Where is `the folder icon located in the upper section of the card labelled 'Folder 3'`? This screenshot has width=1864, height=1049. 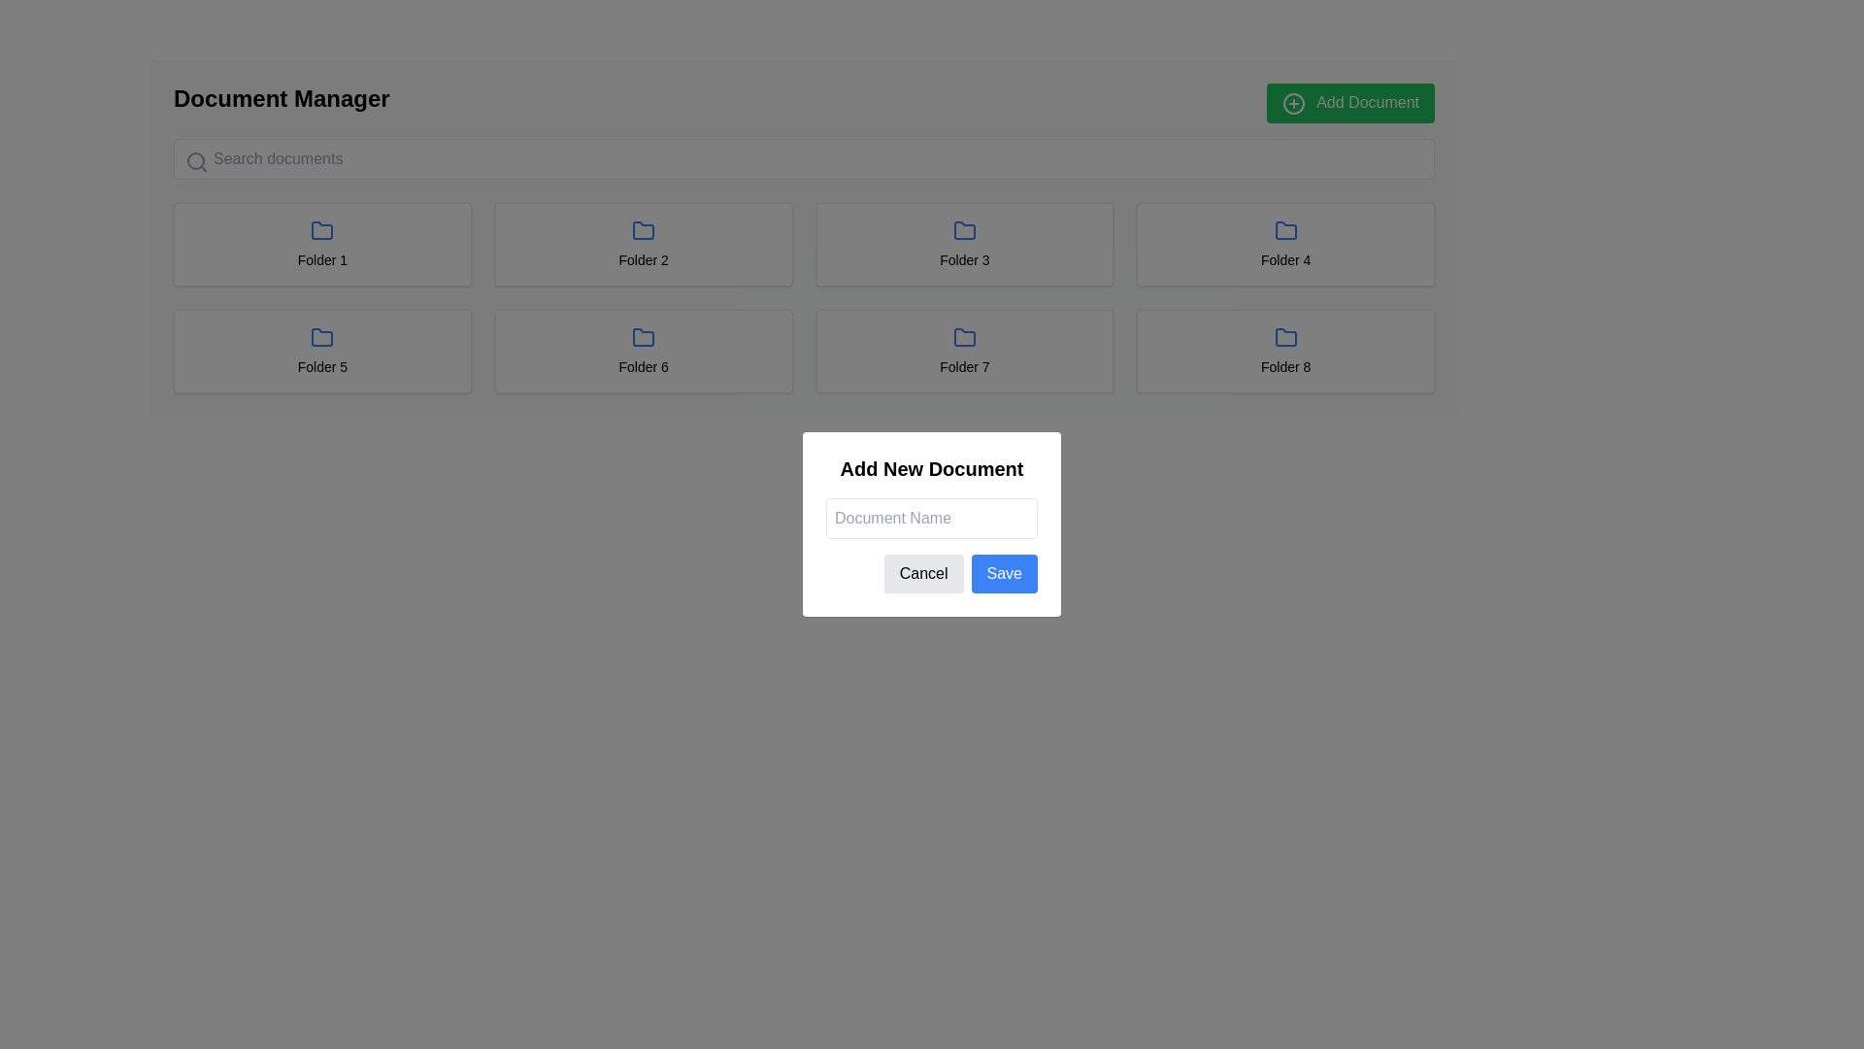
the folder icon located in the upper section of the card labelled 'Folder 3' is located at coordinates (964, 229).